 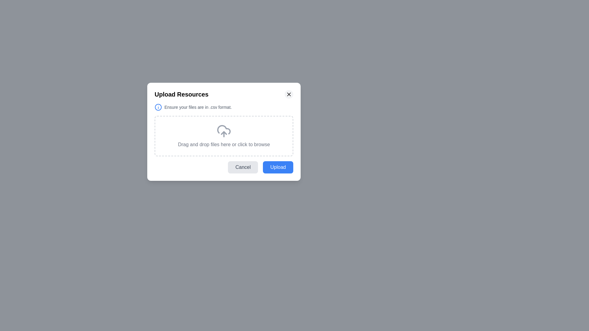 I want to click on the Text Label that serves as a static label or heading at the top-left part of the dialog box, so click(x=181, y=94).